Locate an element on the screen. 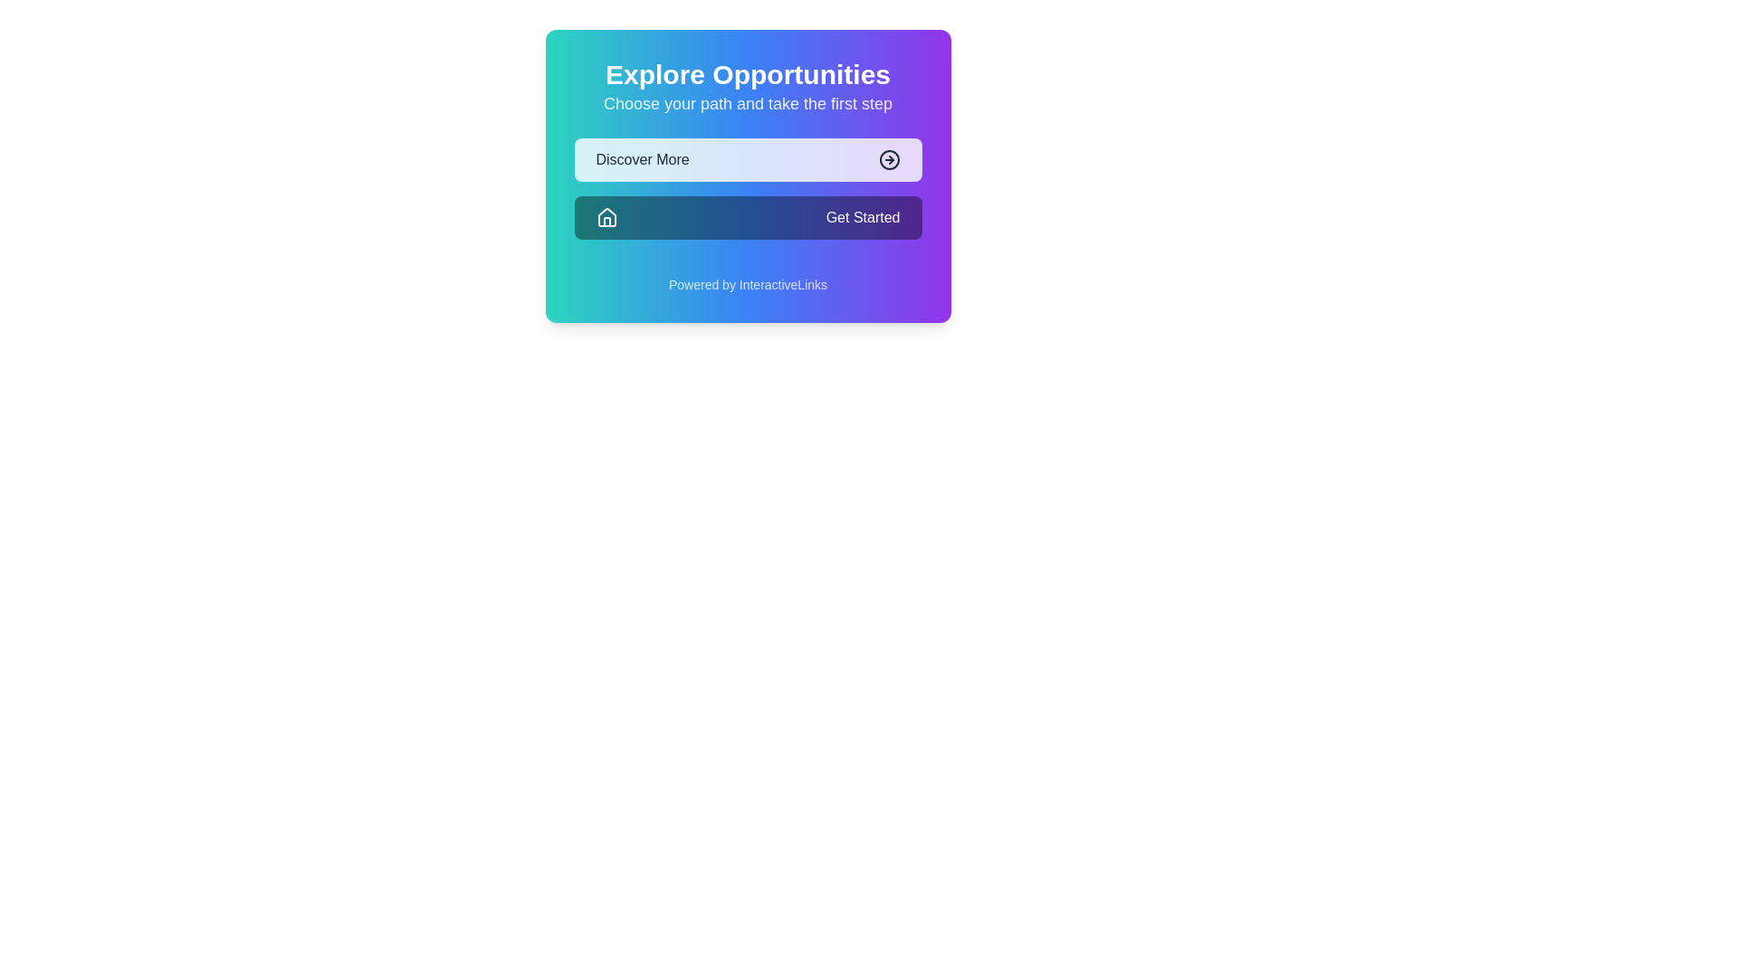 This screenshot has width=1738, height=977. the small circular icon with a right-pointing arrow located on the right side of the 'Discover More' button is located at coordinates (889, 159).